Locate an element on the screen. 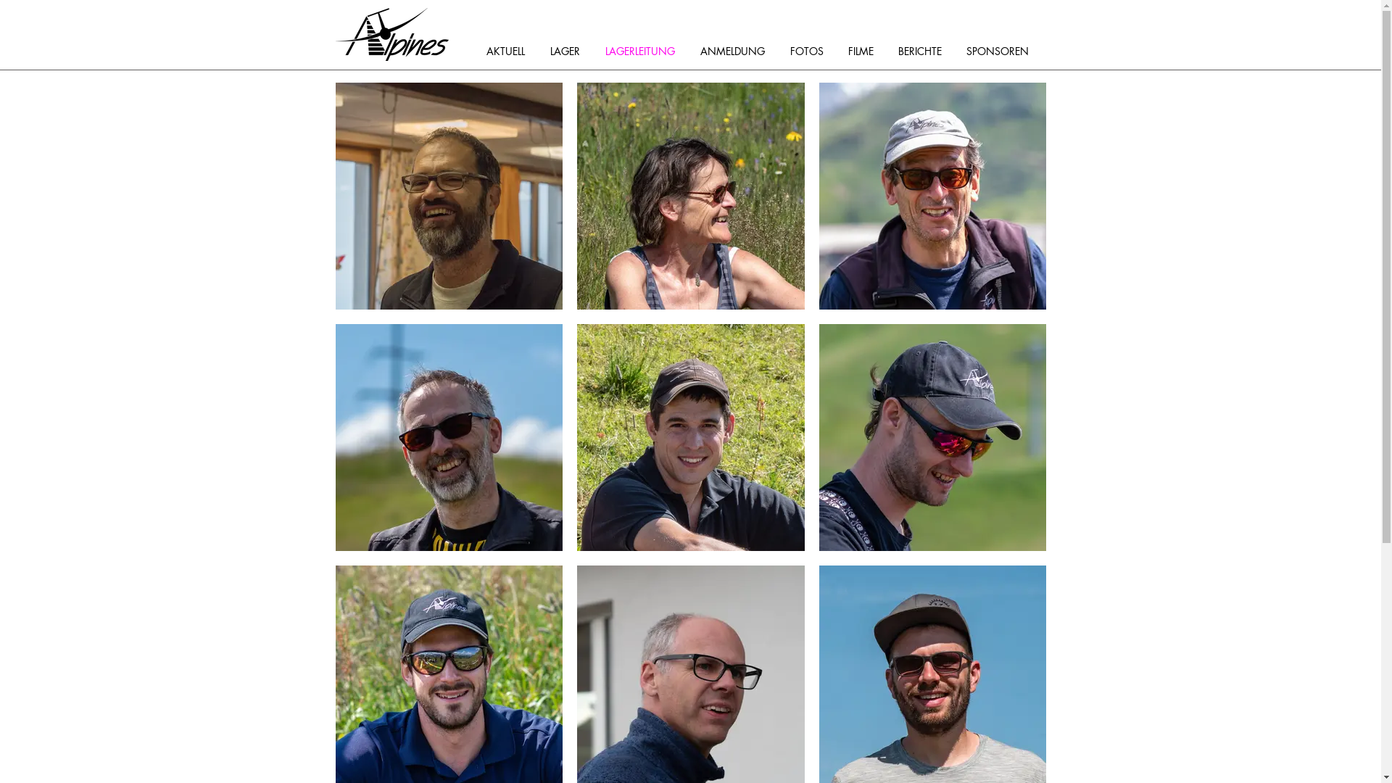 This screenshot has width=1392, height=783. 'LAGERLEITUNG' is located at coordinates (644, 50).